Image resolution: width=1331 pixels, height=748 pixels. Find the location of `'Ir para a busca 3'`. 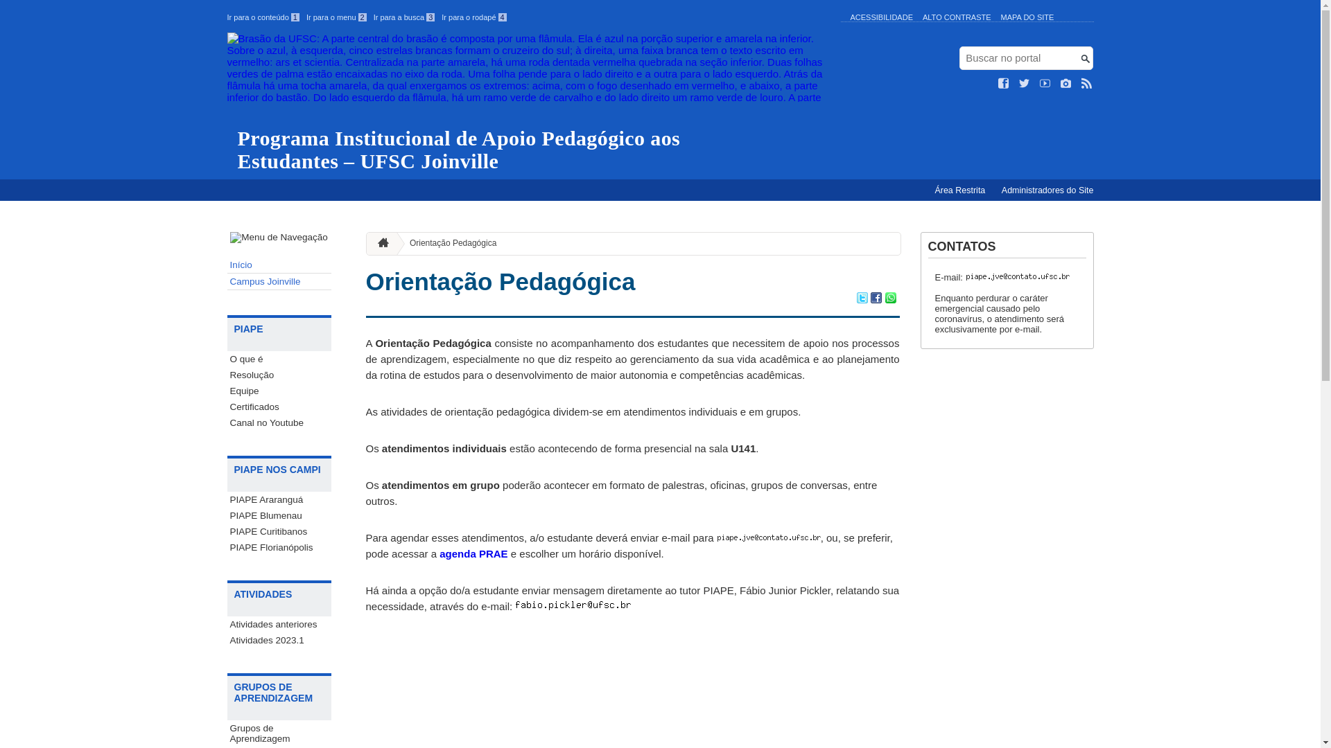

'Ir para a busca 3' is located at coordinates (403, 17).